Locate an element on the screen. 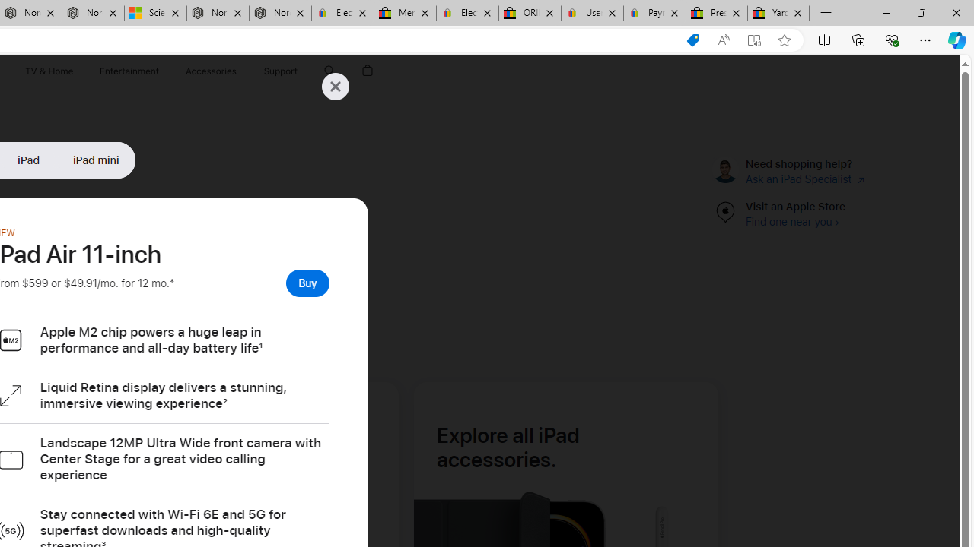  'Yard, Garden & Outdoor Living' is located at coordinates (778, 13).